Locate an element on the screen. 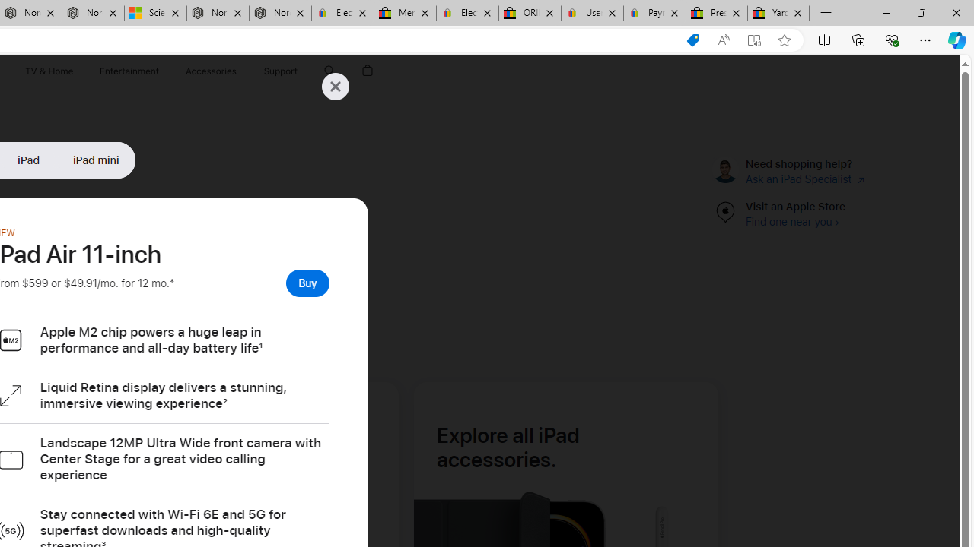  'Yard, Garden & Outdoor Living' is located at coordinates (778, 13).